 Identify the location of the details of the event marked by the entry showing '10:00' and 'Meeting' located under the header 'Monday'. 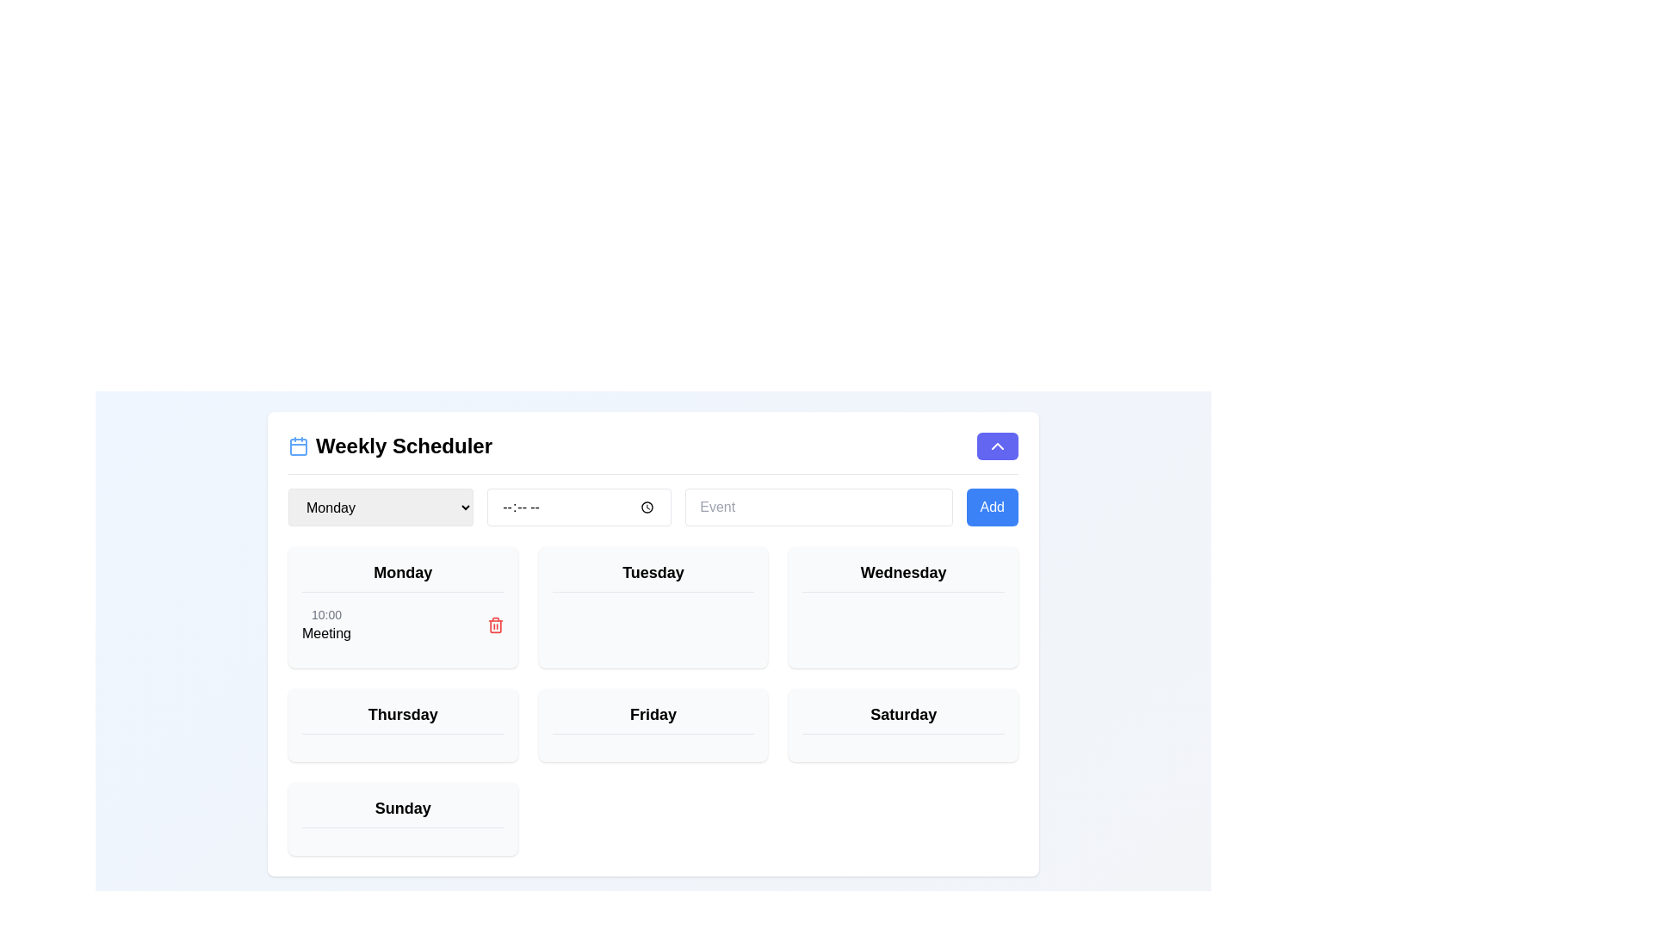
(402, 624).